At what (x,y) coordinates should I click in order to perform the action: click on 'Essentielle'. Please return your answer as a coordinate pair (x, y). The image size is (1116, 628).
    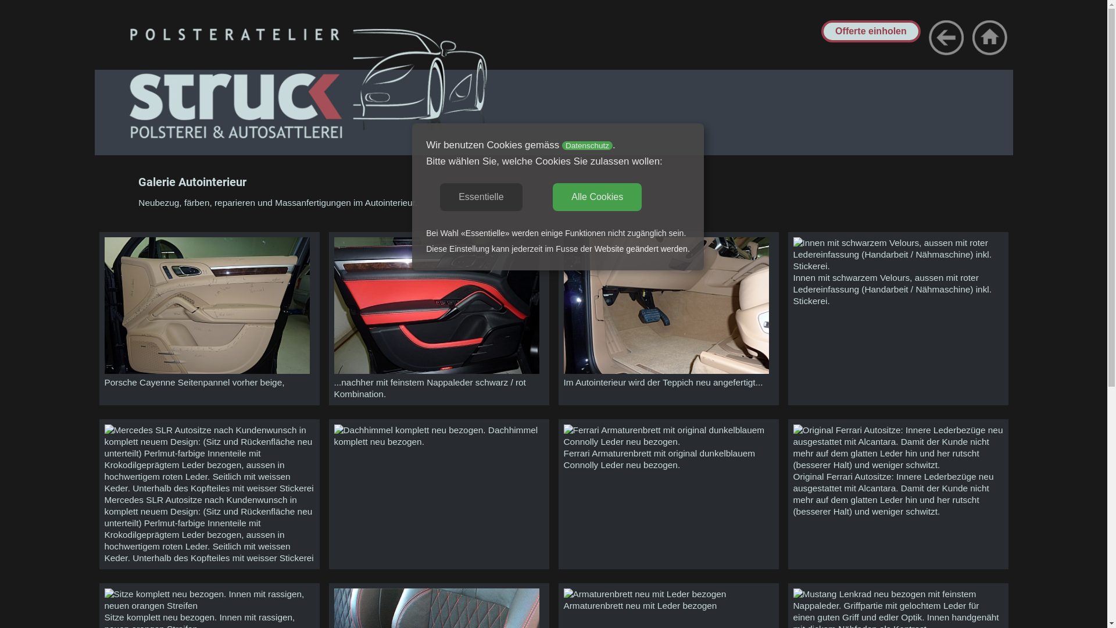
    Looking at the image, I should click on (439, 197).